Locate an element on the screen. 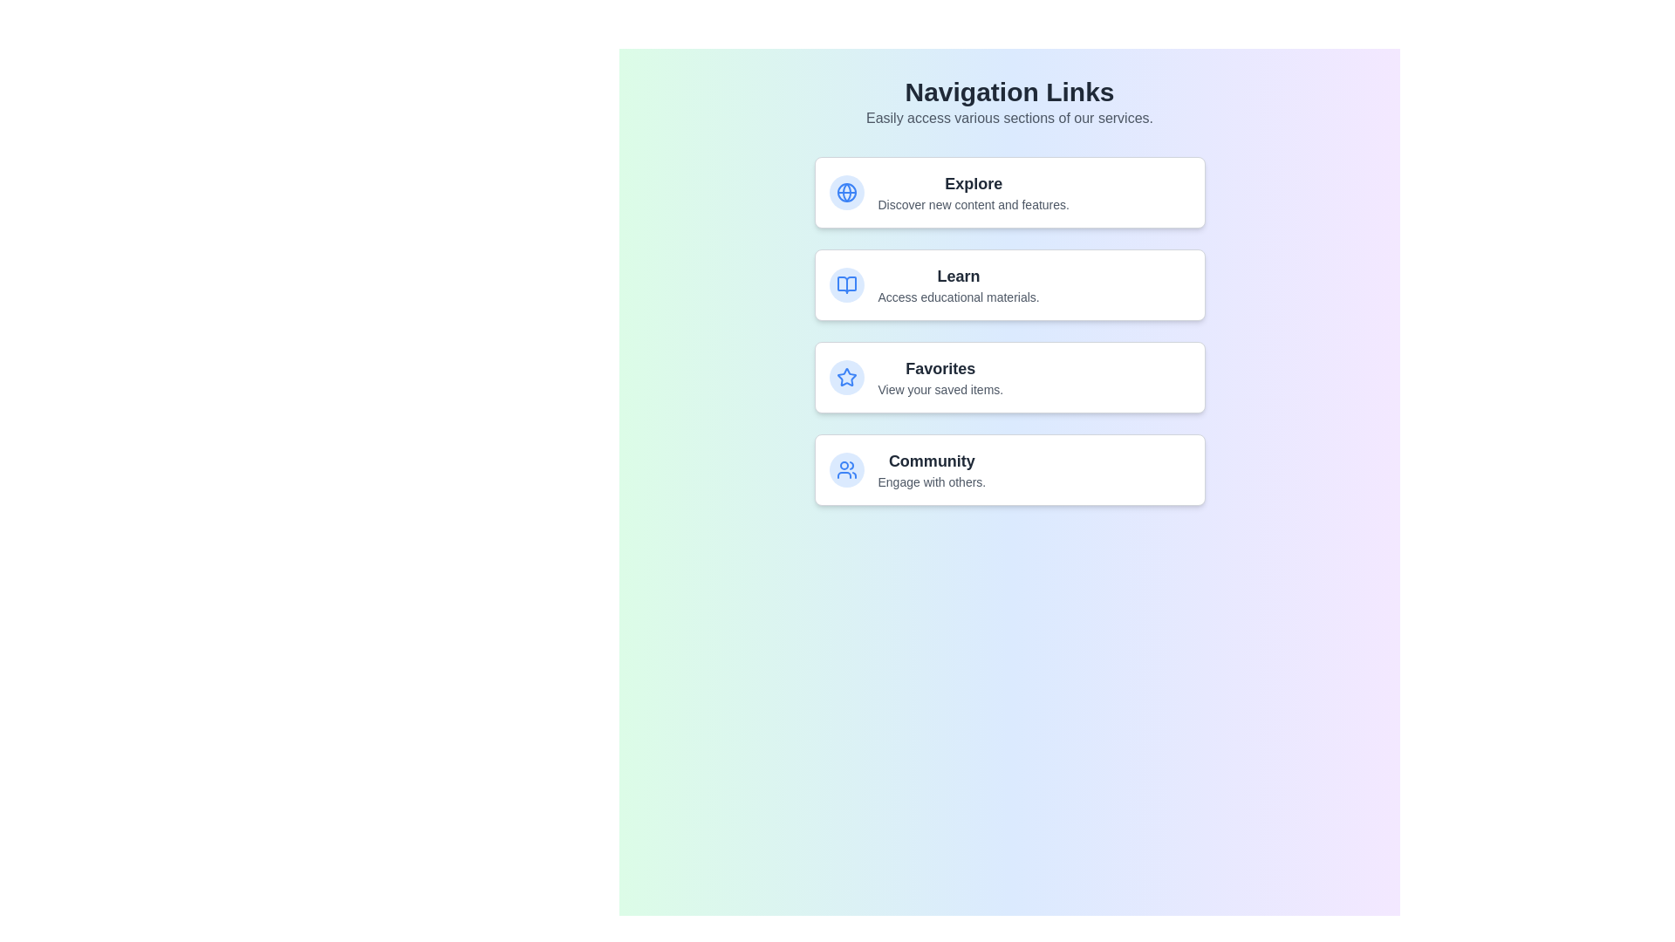  the circular blue globe icon located in the top left corner of the 'Explore' section card, directly above the text 'Explore' is located at coordinates (846, 192).